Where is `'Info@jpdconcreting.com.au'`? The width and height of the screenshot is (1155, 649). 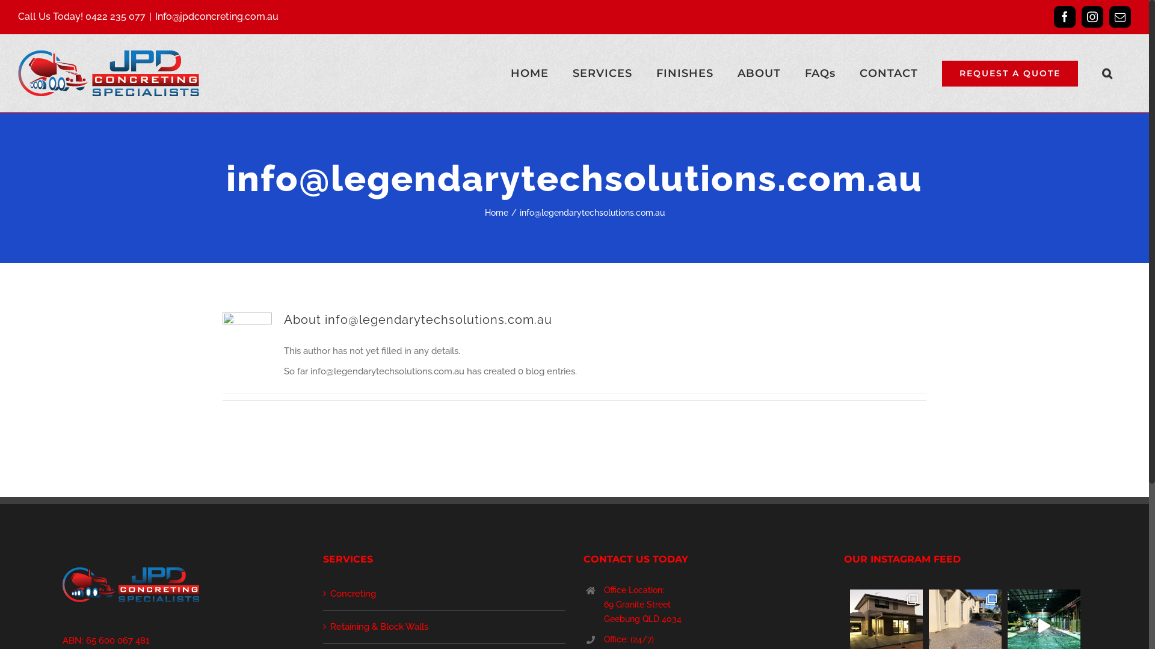 'Info@jpdconcreting.com.au' is located at coordinates (155, 16).